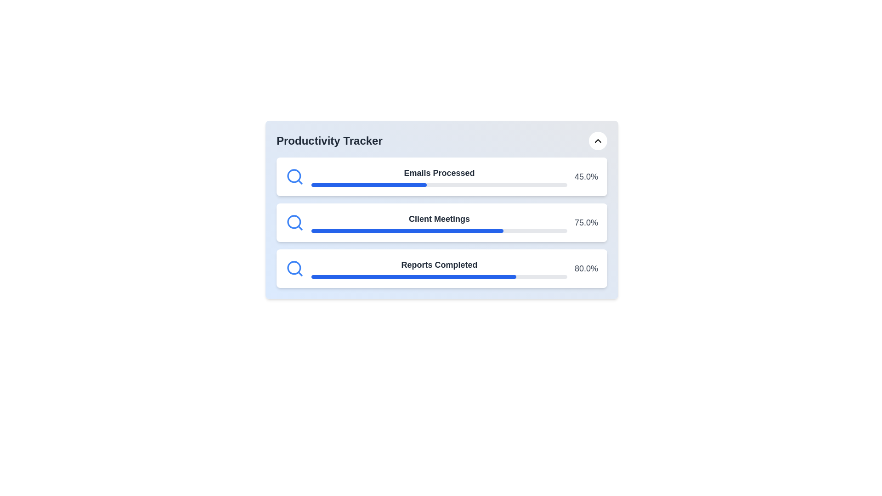 Image resolution: width=882 pixels, height=496 pixels. Describe the element at coordinates (439, 276) in the screenshot. I see `the horizontal progress bar indicating 80% progress within the 'Reports Completed' card` at that location.